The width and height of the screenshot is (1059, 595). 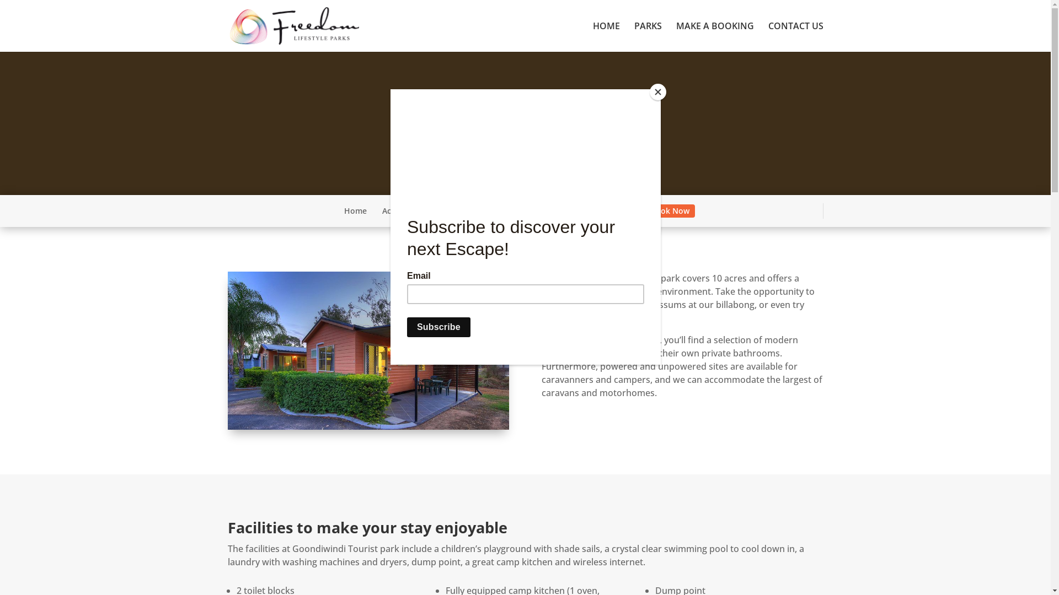 What do you see at coordinates (648, 36) in the screenshot?
I see `'PARKS'` at bounding box center [648, 36].